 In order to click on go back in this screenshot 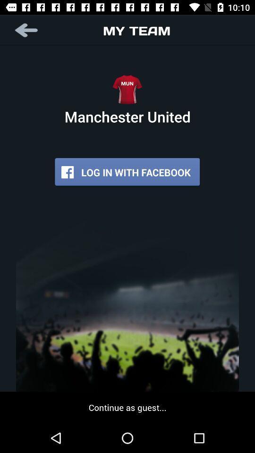, I will do `click(27, 30)`.